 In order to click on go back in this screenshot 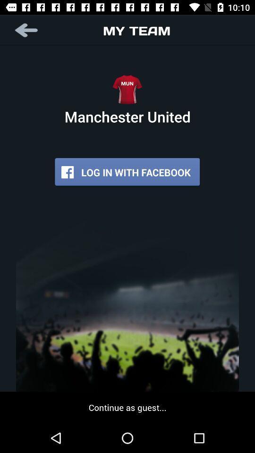, I will do `click(27, 30)`.